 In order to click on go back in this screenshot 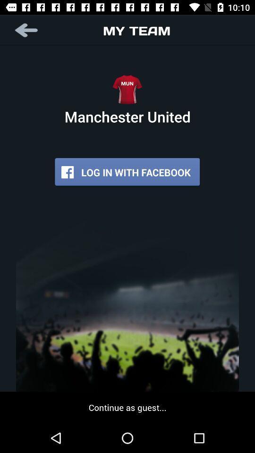, I will do `click(27, 30)`.